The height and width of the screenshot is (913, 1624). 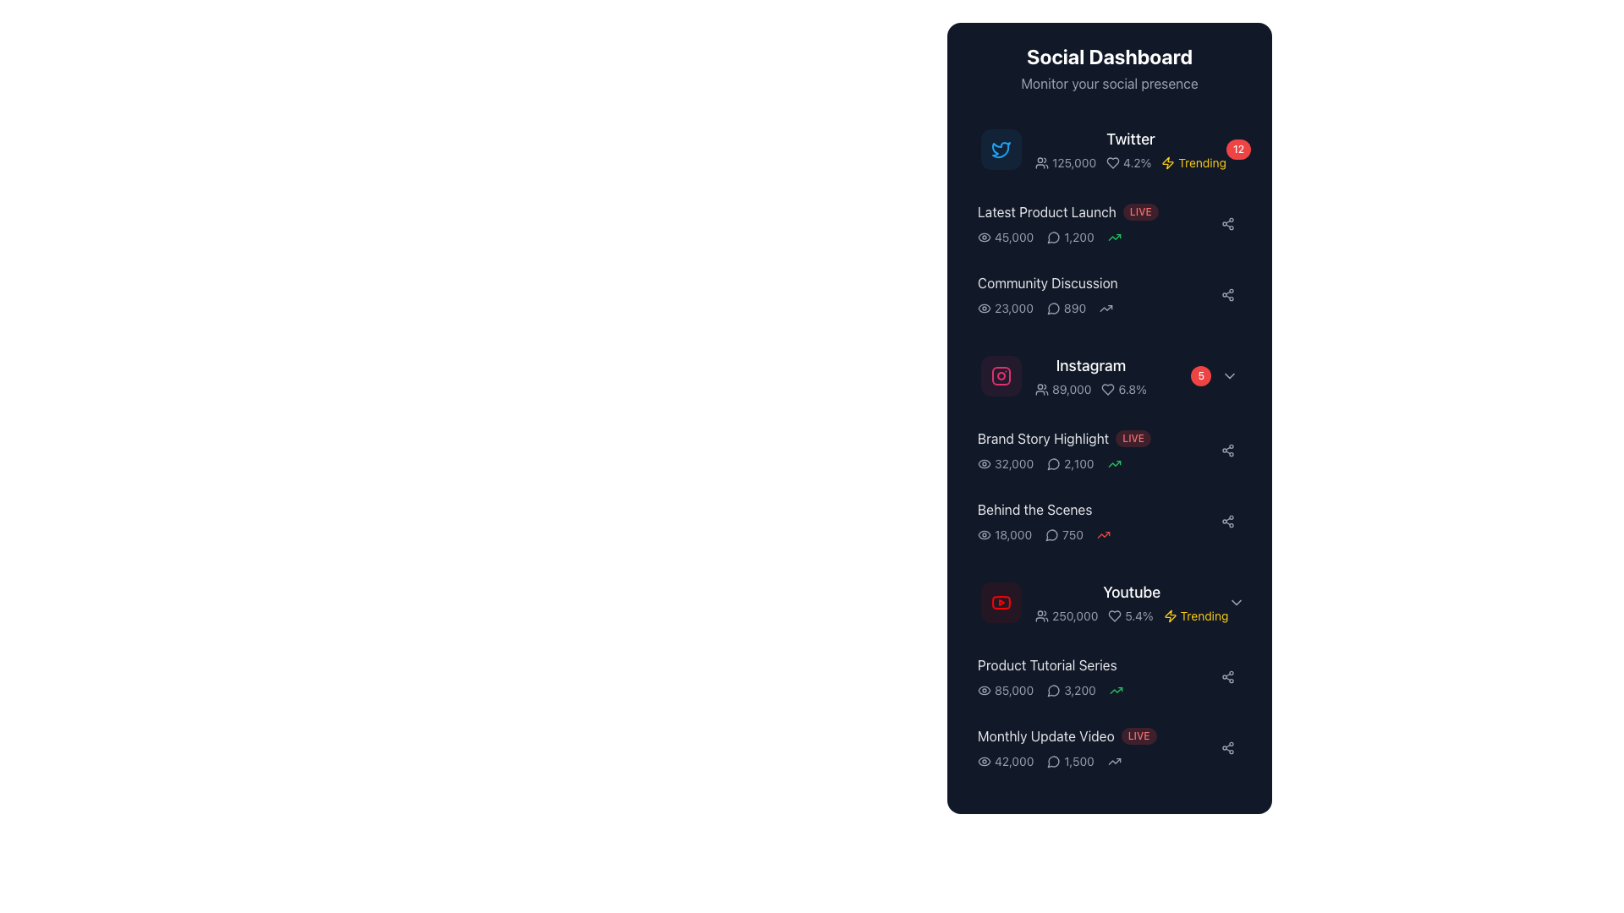 What do you see at coordinates (1109, 676) in the screenshot?
I see `the button labeled 'Product Tutorial Series' on the Social Dashboard` at bounding box center [1109, 676].